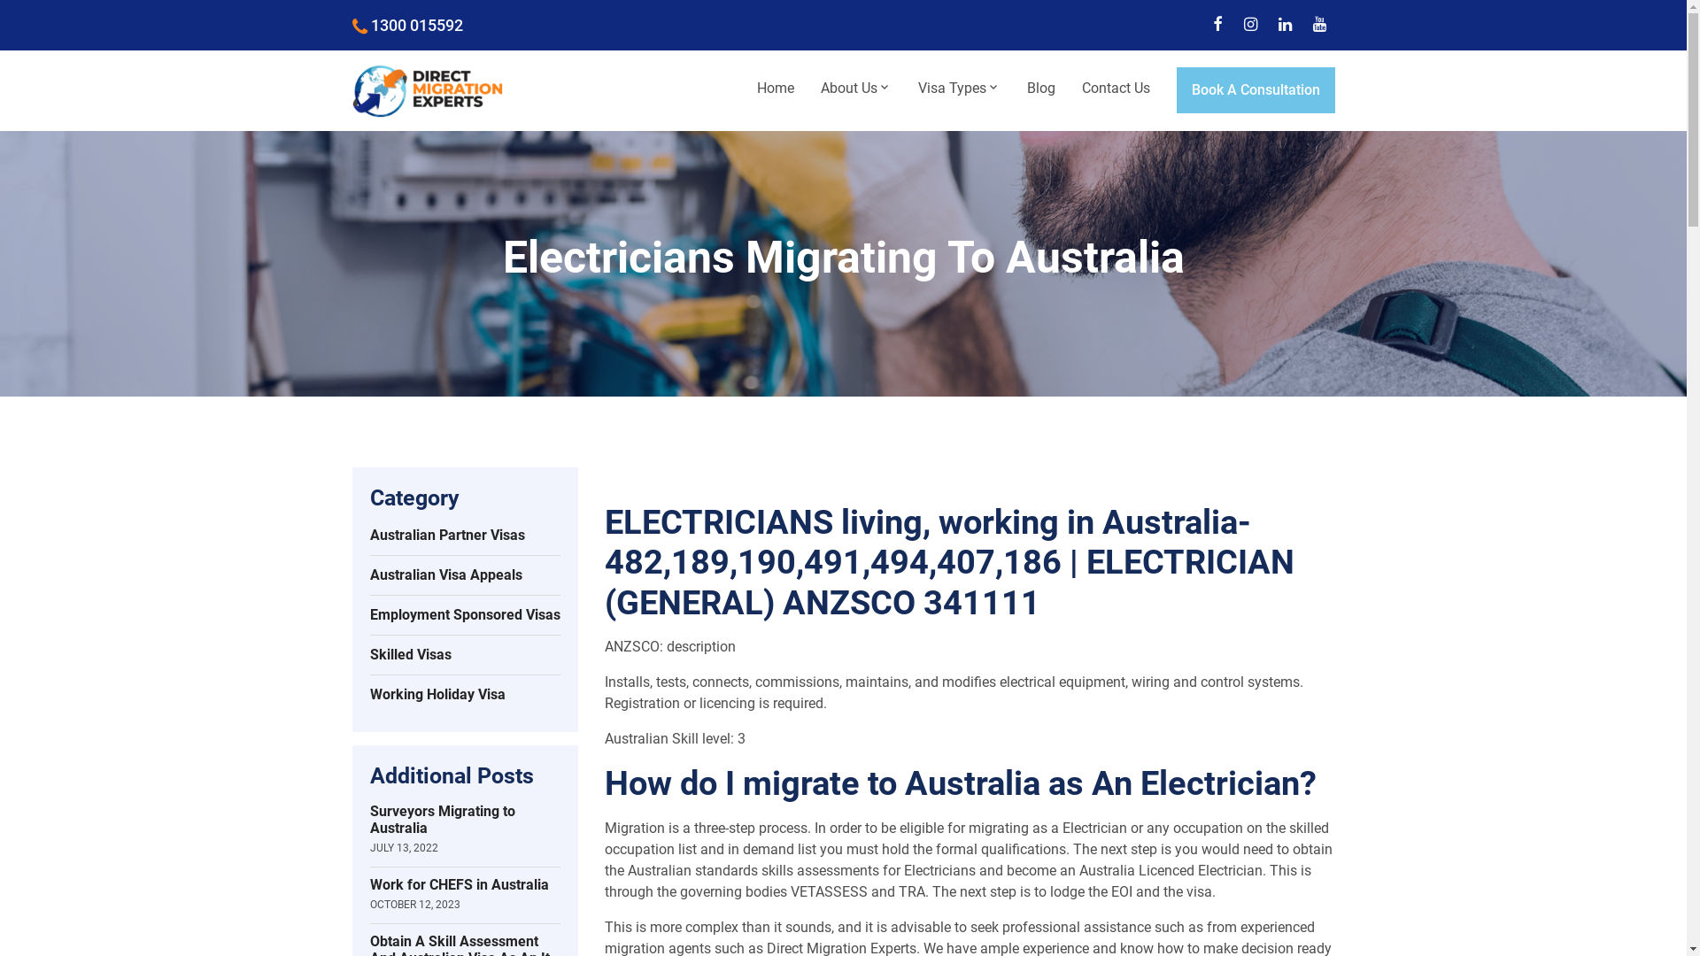  Describe the element at coordinates (465, 894) in the screenshot. I see `'Work for CHEFS in Australia` at that location.